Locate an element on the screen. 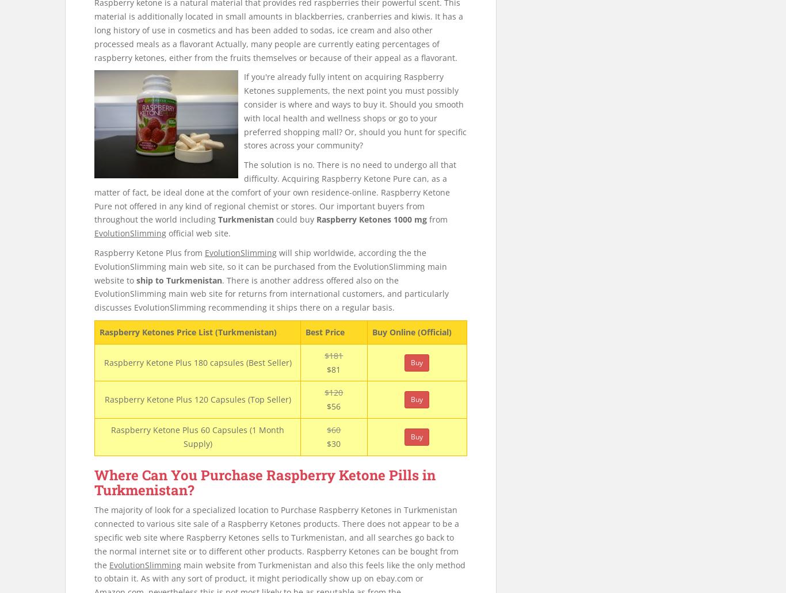 Image resolution: width=786 pixels, height=593 pixels. 'could buy' is located at coordinates (295, 219).